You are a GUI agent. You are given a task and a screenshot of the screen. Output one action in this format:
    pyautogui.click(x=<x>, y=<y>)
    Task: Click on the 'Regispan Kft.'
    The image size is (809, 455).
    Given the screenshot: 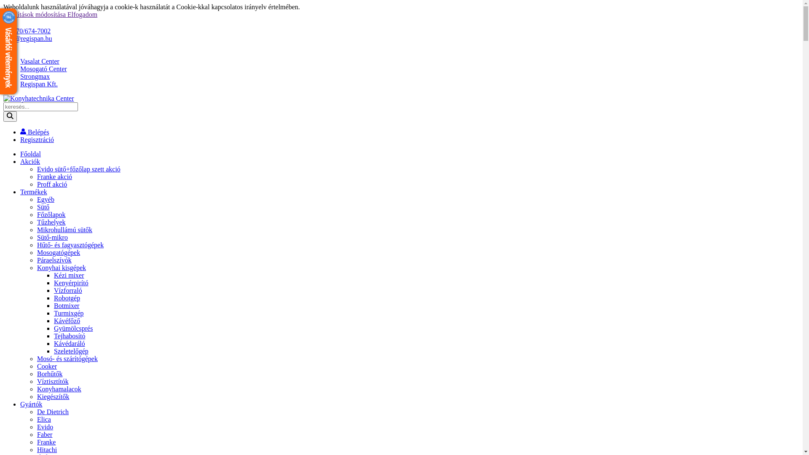 What is the action you would take?
    pyautogui.click(x=20, y=84)
    